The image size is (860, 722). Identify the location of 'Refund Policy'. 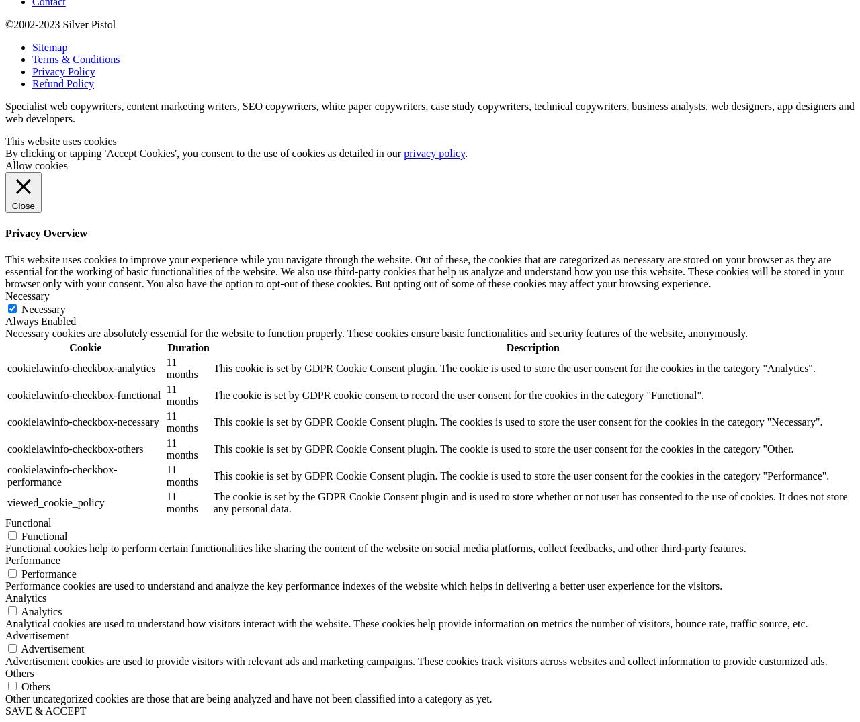
(62, 82).